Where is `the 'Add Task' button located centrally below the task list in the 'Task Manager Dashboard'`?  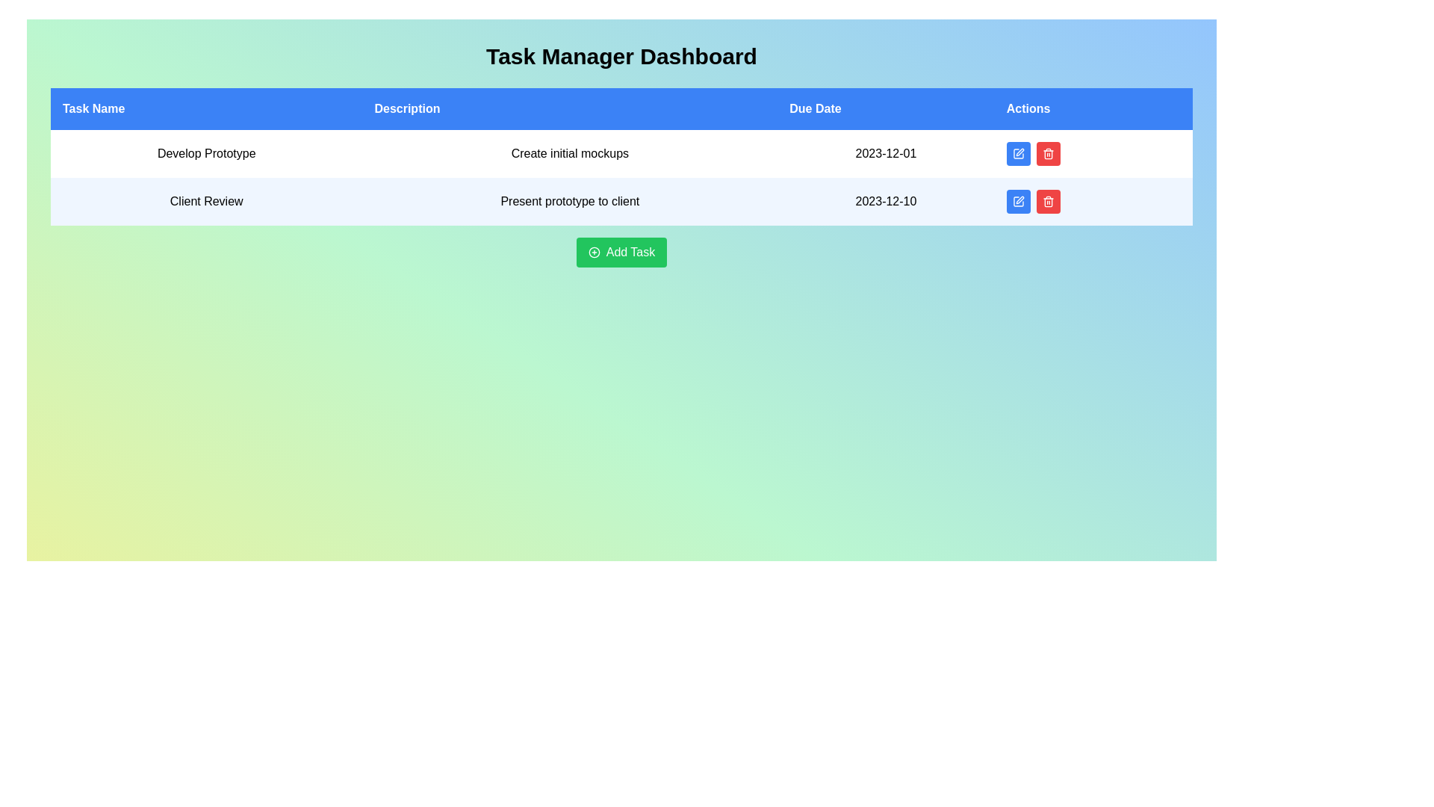 the 'Add Task' button located centrally below the task list in the 'Task Manager Dashboard' is located at coordinates (621, 252).